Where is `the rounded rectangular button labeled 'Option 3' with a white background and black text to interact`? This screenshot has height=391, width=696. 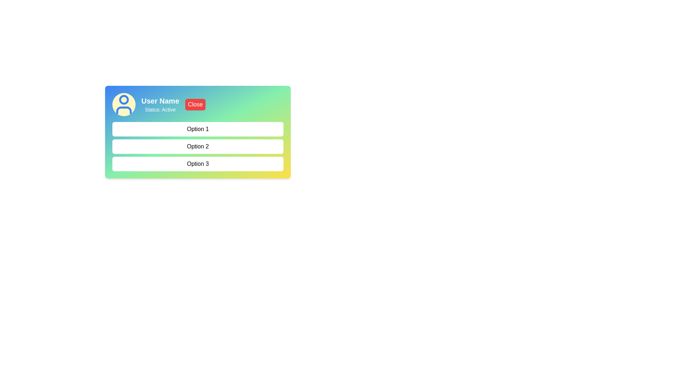
the rounded rectangular button labeled 'Option 3' with a white background and black text to interact is located at coordinates (198, 164).